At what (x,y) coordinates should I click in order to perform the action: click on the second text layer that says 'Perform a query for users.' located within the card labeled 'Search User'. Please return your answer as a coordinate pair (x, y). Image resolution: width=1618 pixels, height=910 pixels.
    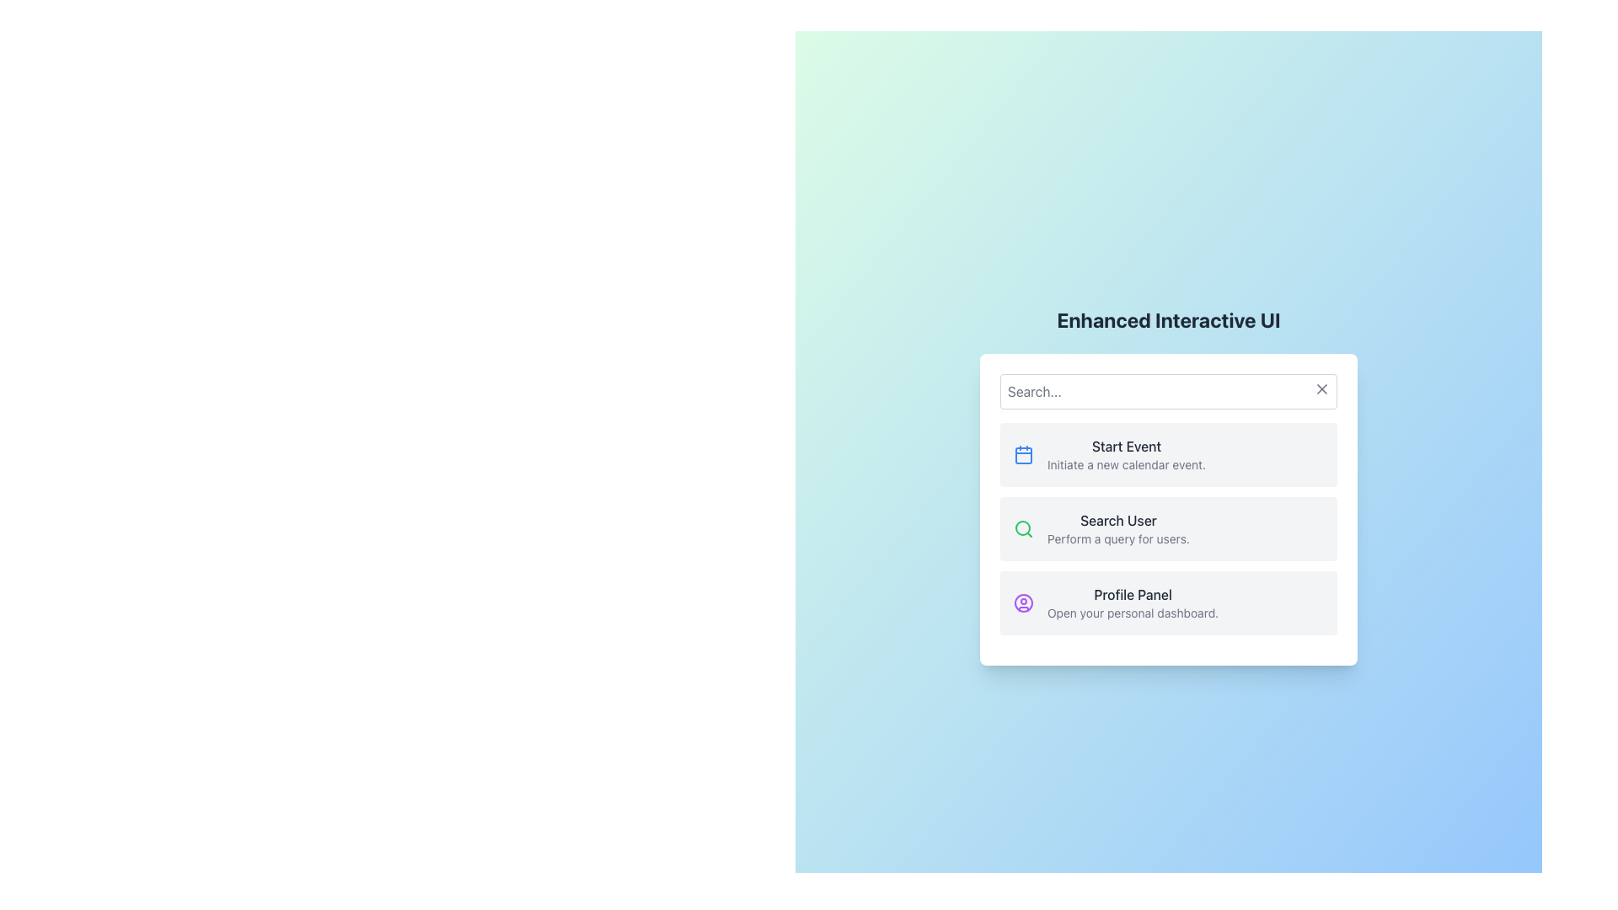
    Looking at the image, I should click on (1118, 528).